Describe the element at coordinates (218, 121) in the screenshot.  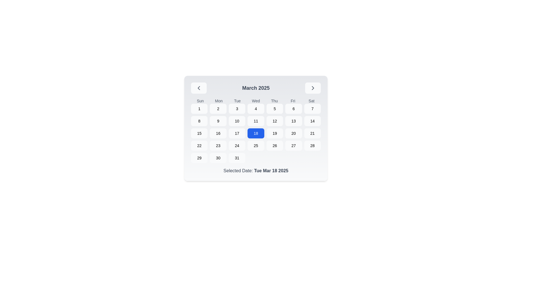
I see `the button that allows the selection of the date '9' in the calendar grid, located in the second row and second column` at that location.